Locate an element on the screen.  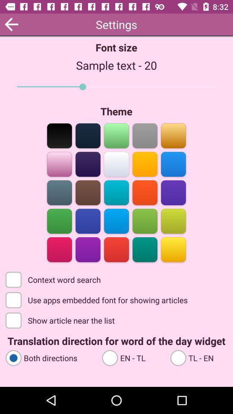
switches theme color to selected option is located at coordinates (116, 163).